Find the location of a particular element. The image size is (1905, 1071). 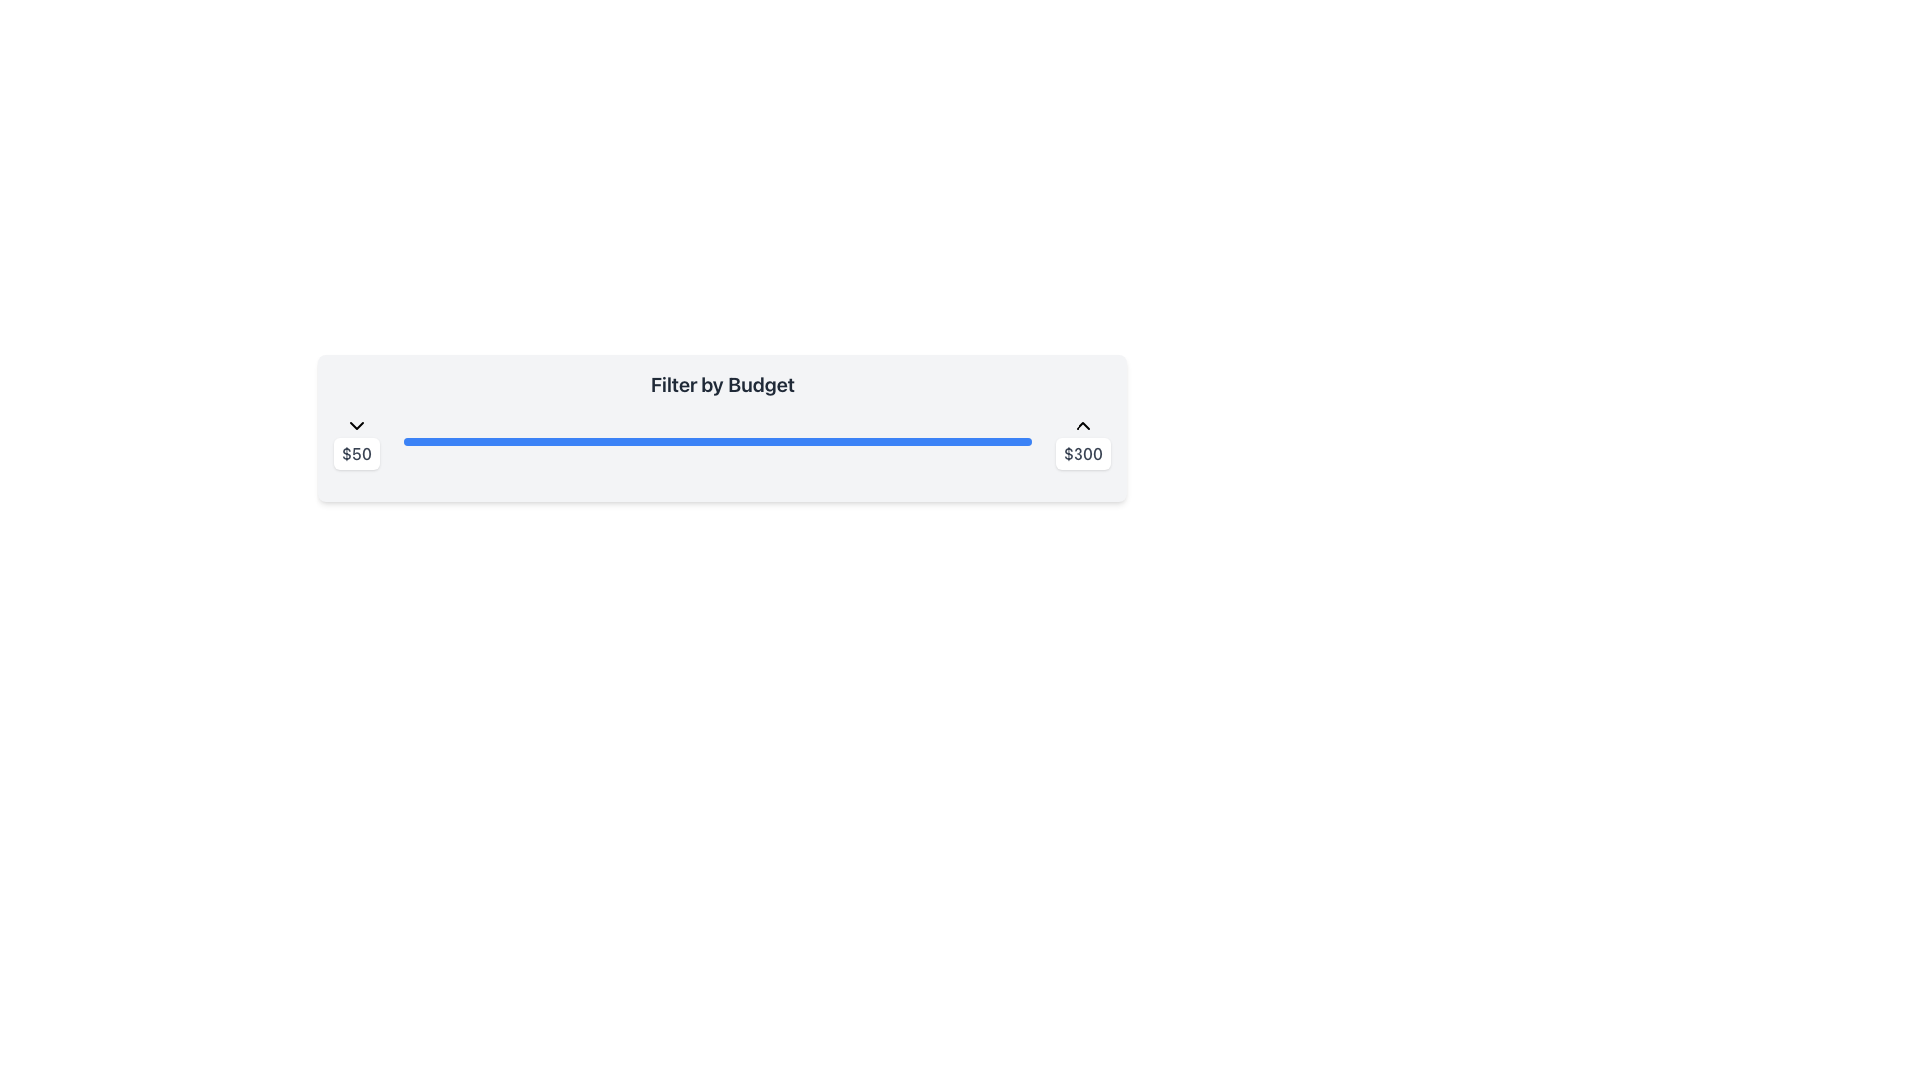

the value of the slider is located at coordinates (754, 441).